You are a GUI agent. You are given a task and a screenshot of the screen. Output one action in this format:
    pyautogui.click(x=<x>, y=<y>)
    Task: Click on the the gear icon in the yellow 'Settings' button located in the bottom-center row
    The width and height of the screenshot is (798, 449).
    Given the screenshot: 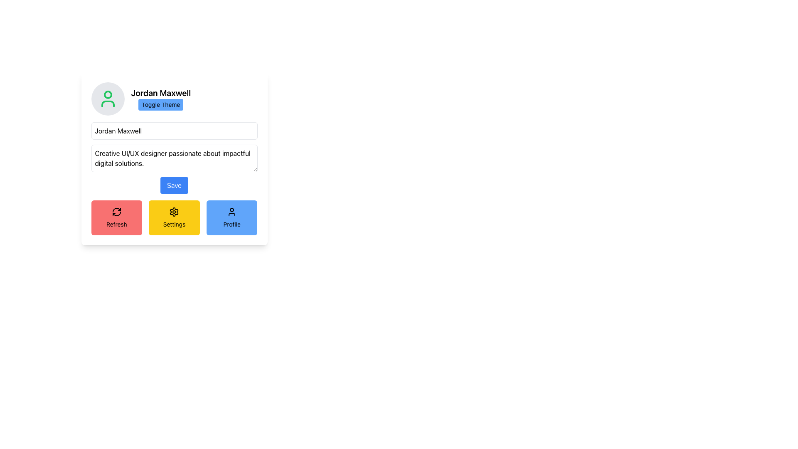 What is the action you would take?
    pyautogui.click(x=174, y=211)
    